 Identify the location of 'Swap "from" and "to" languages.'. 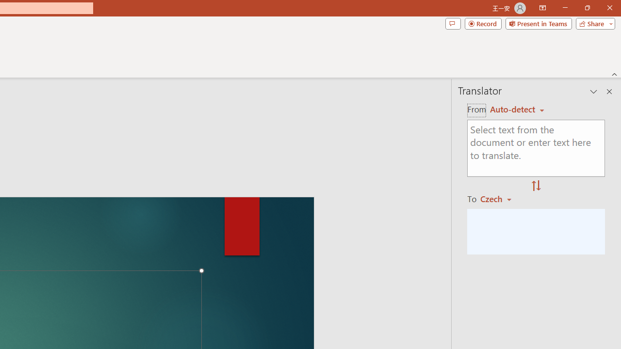
(536, 186).